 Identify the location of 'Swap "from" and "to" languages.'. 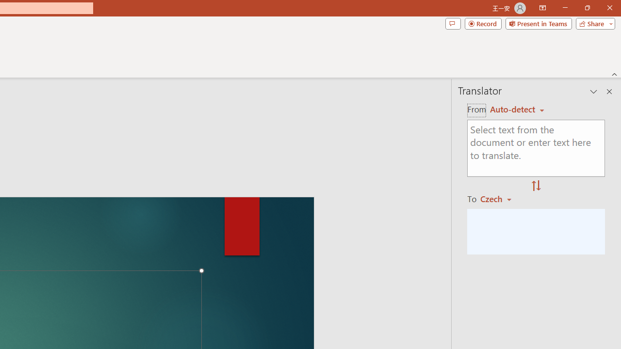
(536, 186).